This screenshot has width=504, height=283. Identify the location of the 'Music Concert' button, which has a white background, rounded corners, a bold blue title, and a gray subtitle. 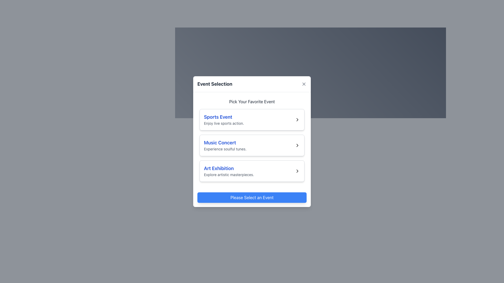
(252, 145).